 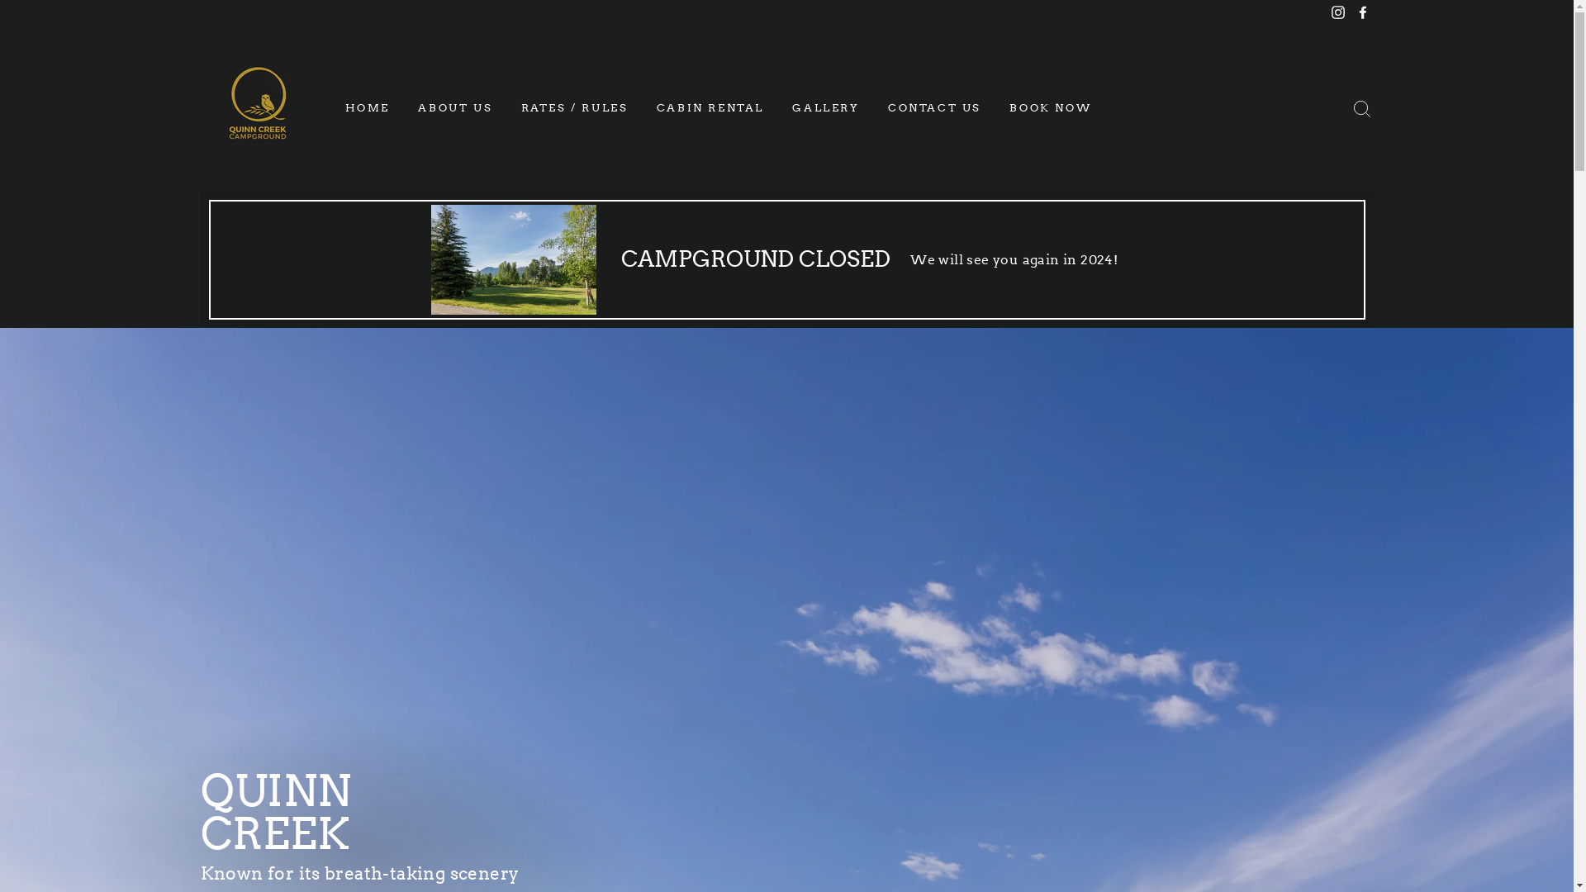 I want to click on 'ABOUT US', so click(x=455, y=108).